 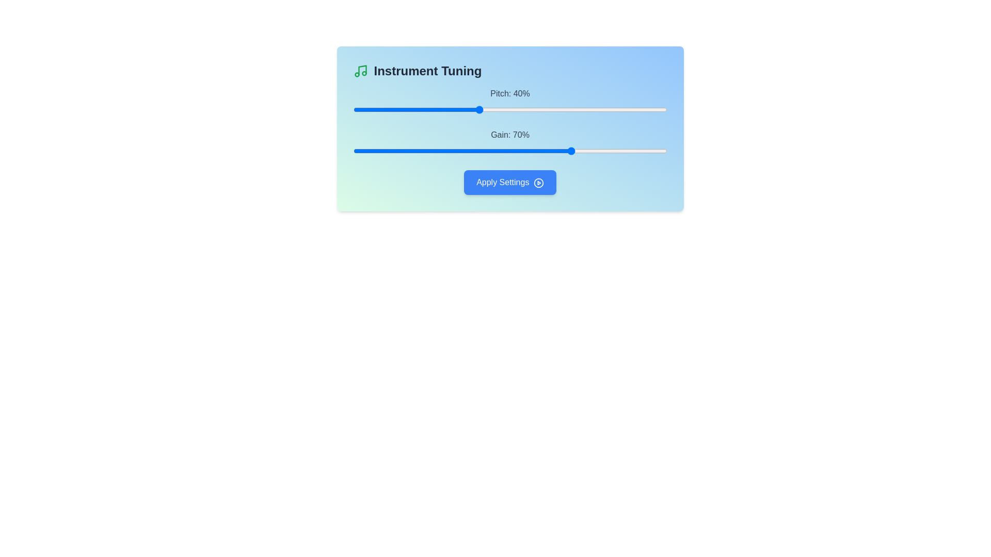 I want to click on the 'Apply Settings' button, so click(x=510, y=182).